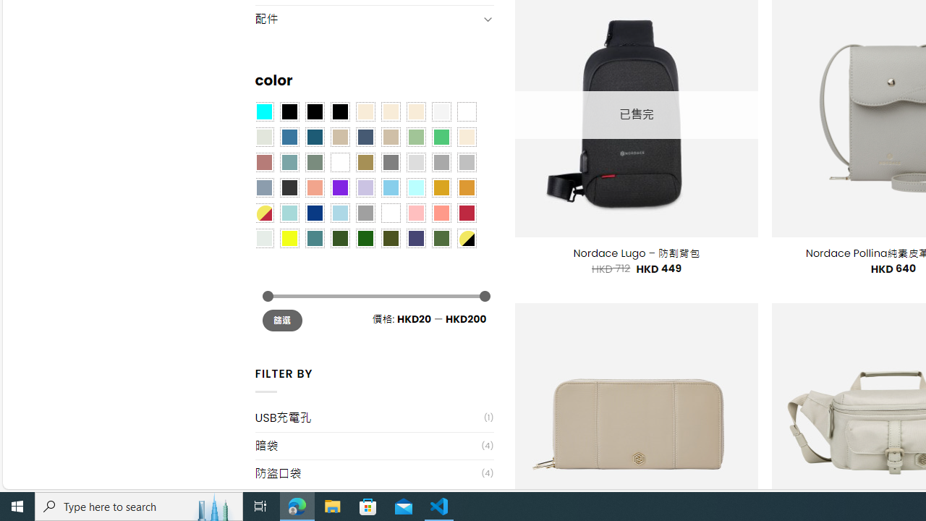 This screenshot has height=521, width=926. What do you see at coordinates (415, 111) in the screenshot?
I see `'Cream'` at bounding box center [415, 111].